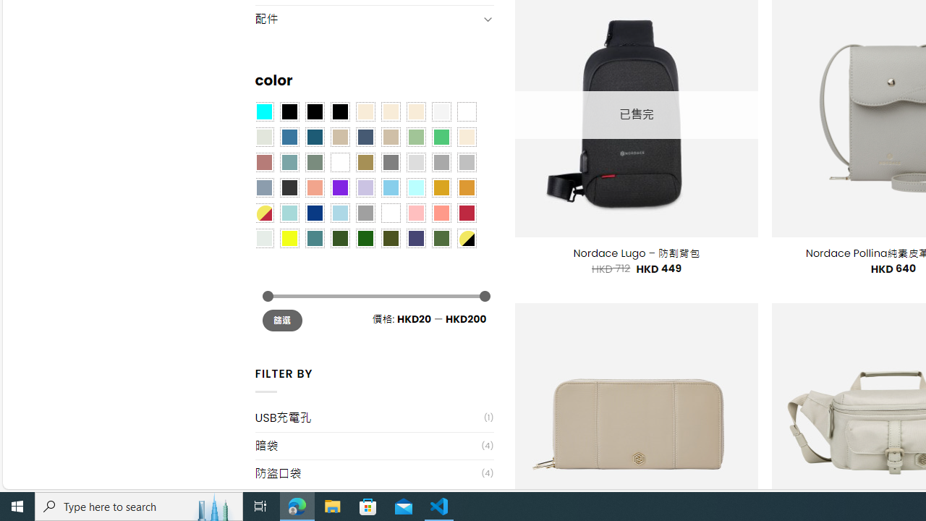 This screenshot has height=521, width=926. What do you see at coordinates (415, 111) in the screenshot?
I see `'Cream'` at bounding box center [415, 111].